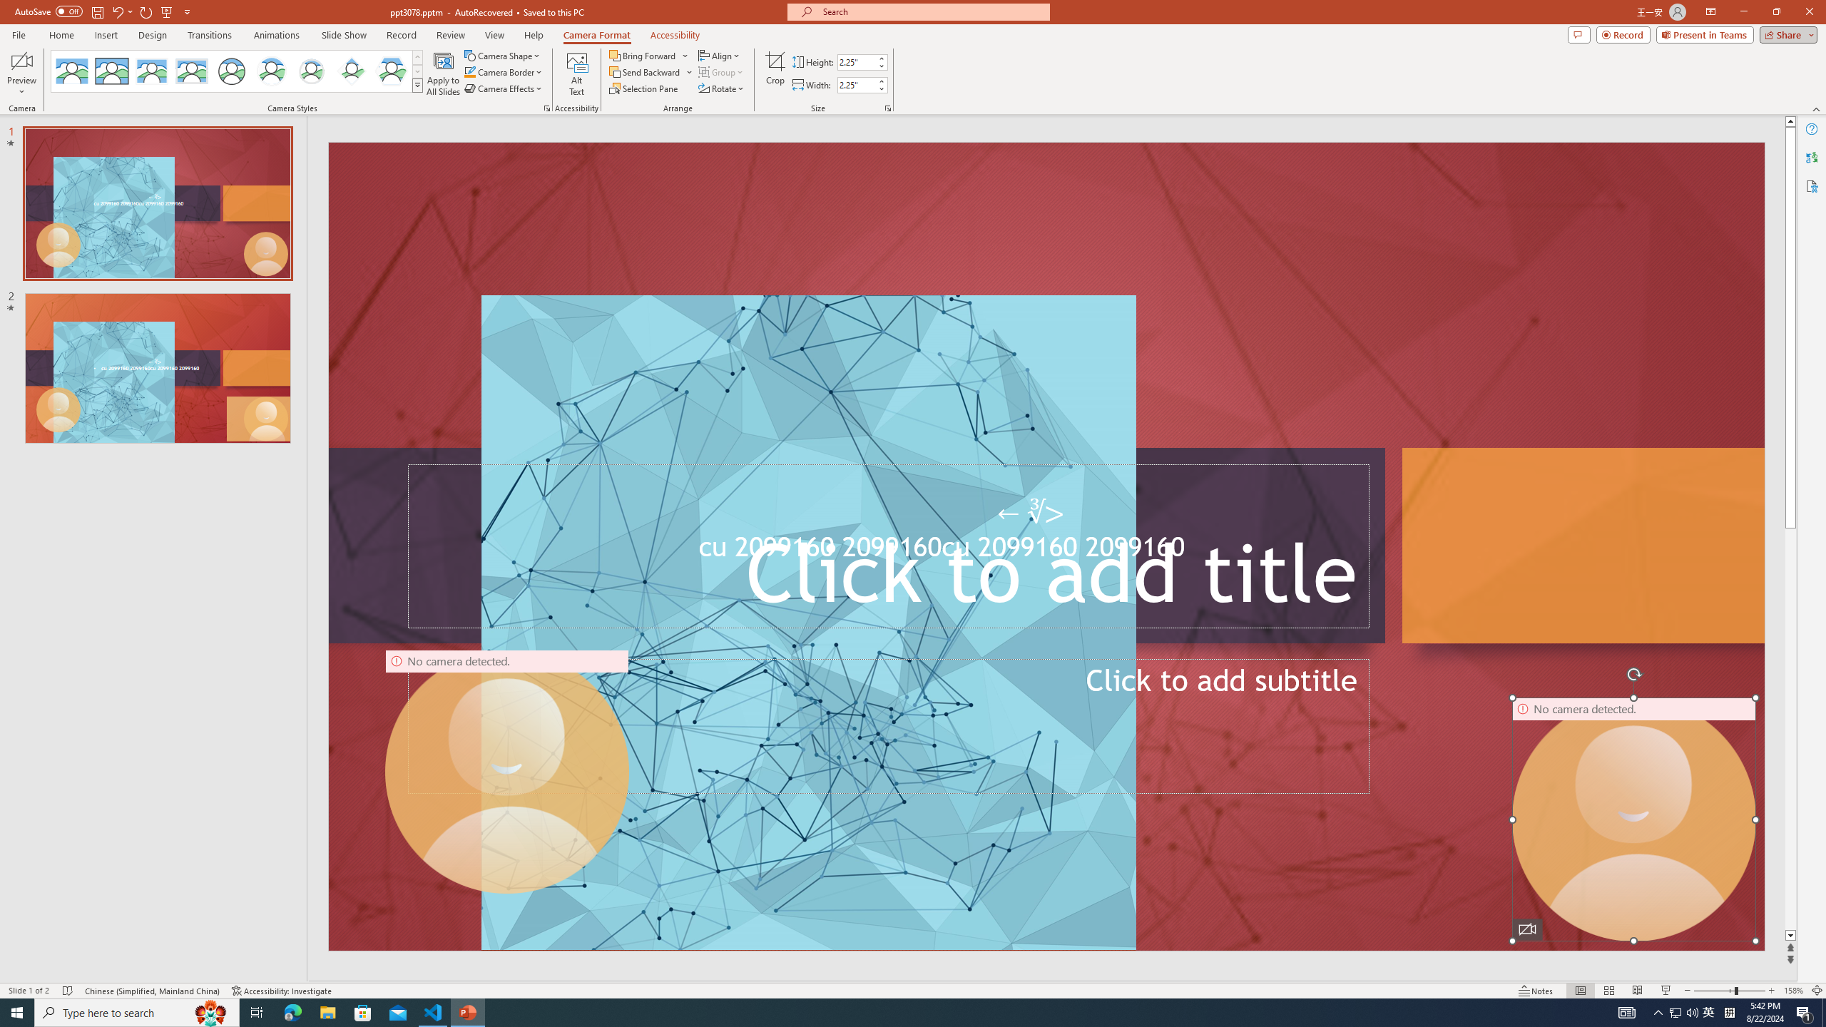 The width and height of the screenshot is (1826, 1027). What do you see at coordinates (721, 87) in the screenshot?
I see `'Rotate'` at bounding box center [721, 87].